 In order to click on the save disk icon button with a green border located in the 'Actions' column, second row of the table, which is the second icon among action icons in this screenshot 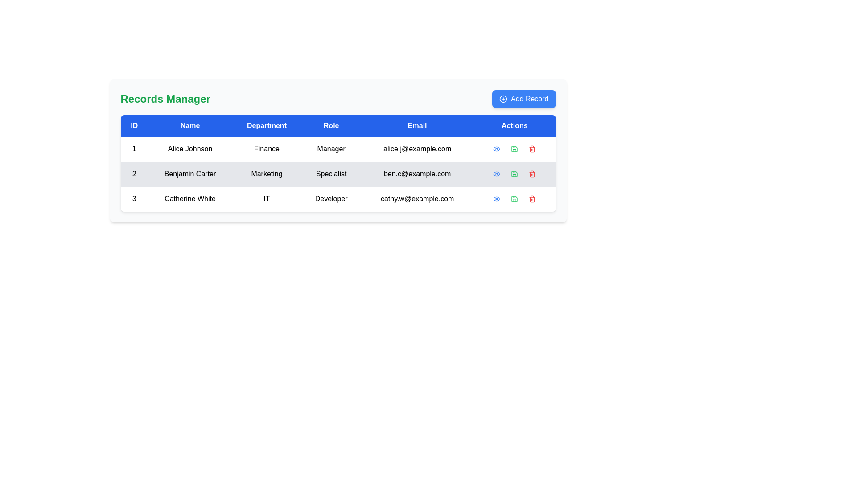, I will do `click(514, 174)`.